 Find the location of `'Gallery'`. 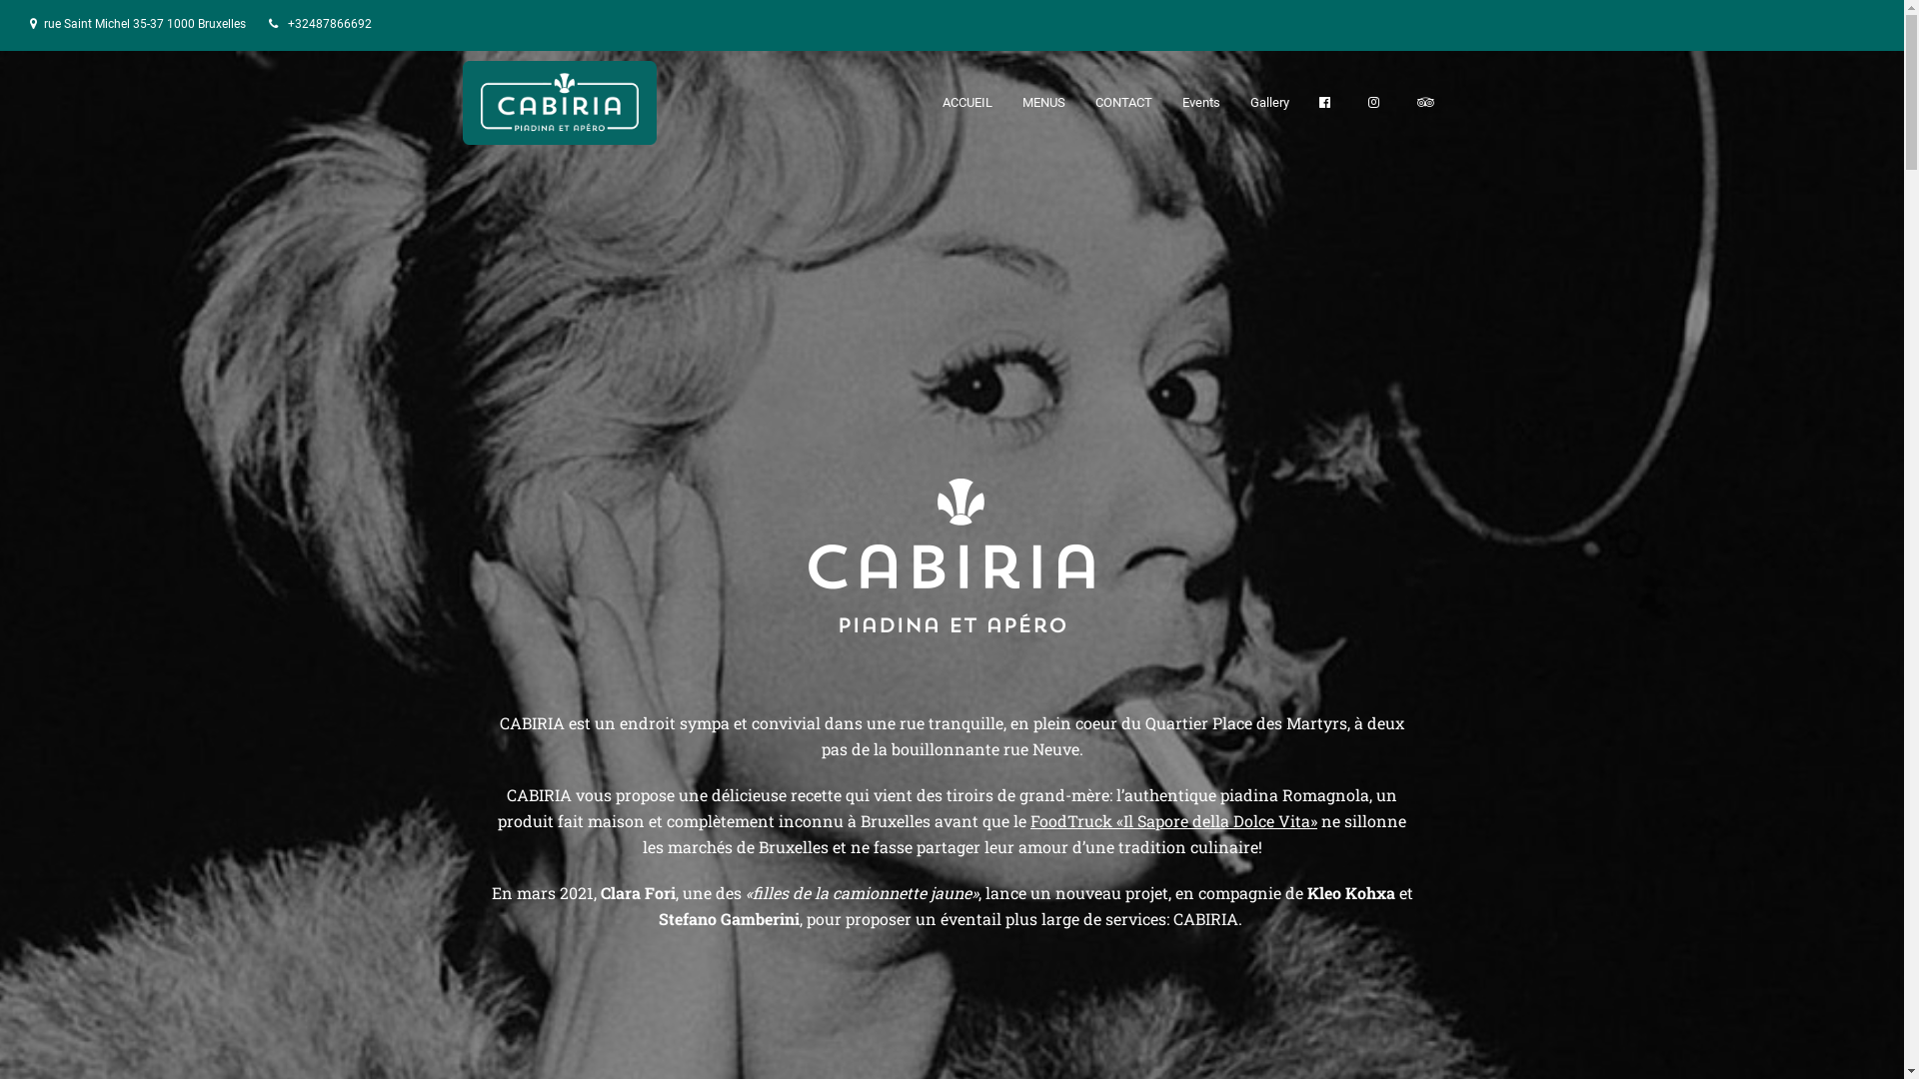

'Gallery' is located at coordinates (1268, 103).